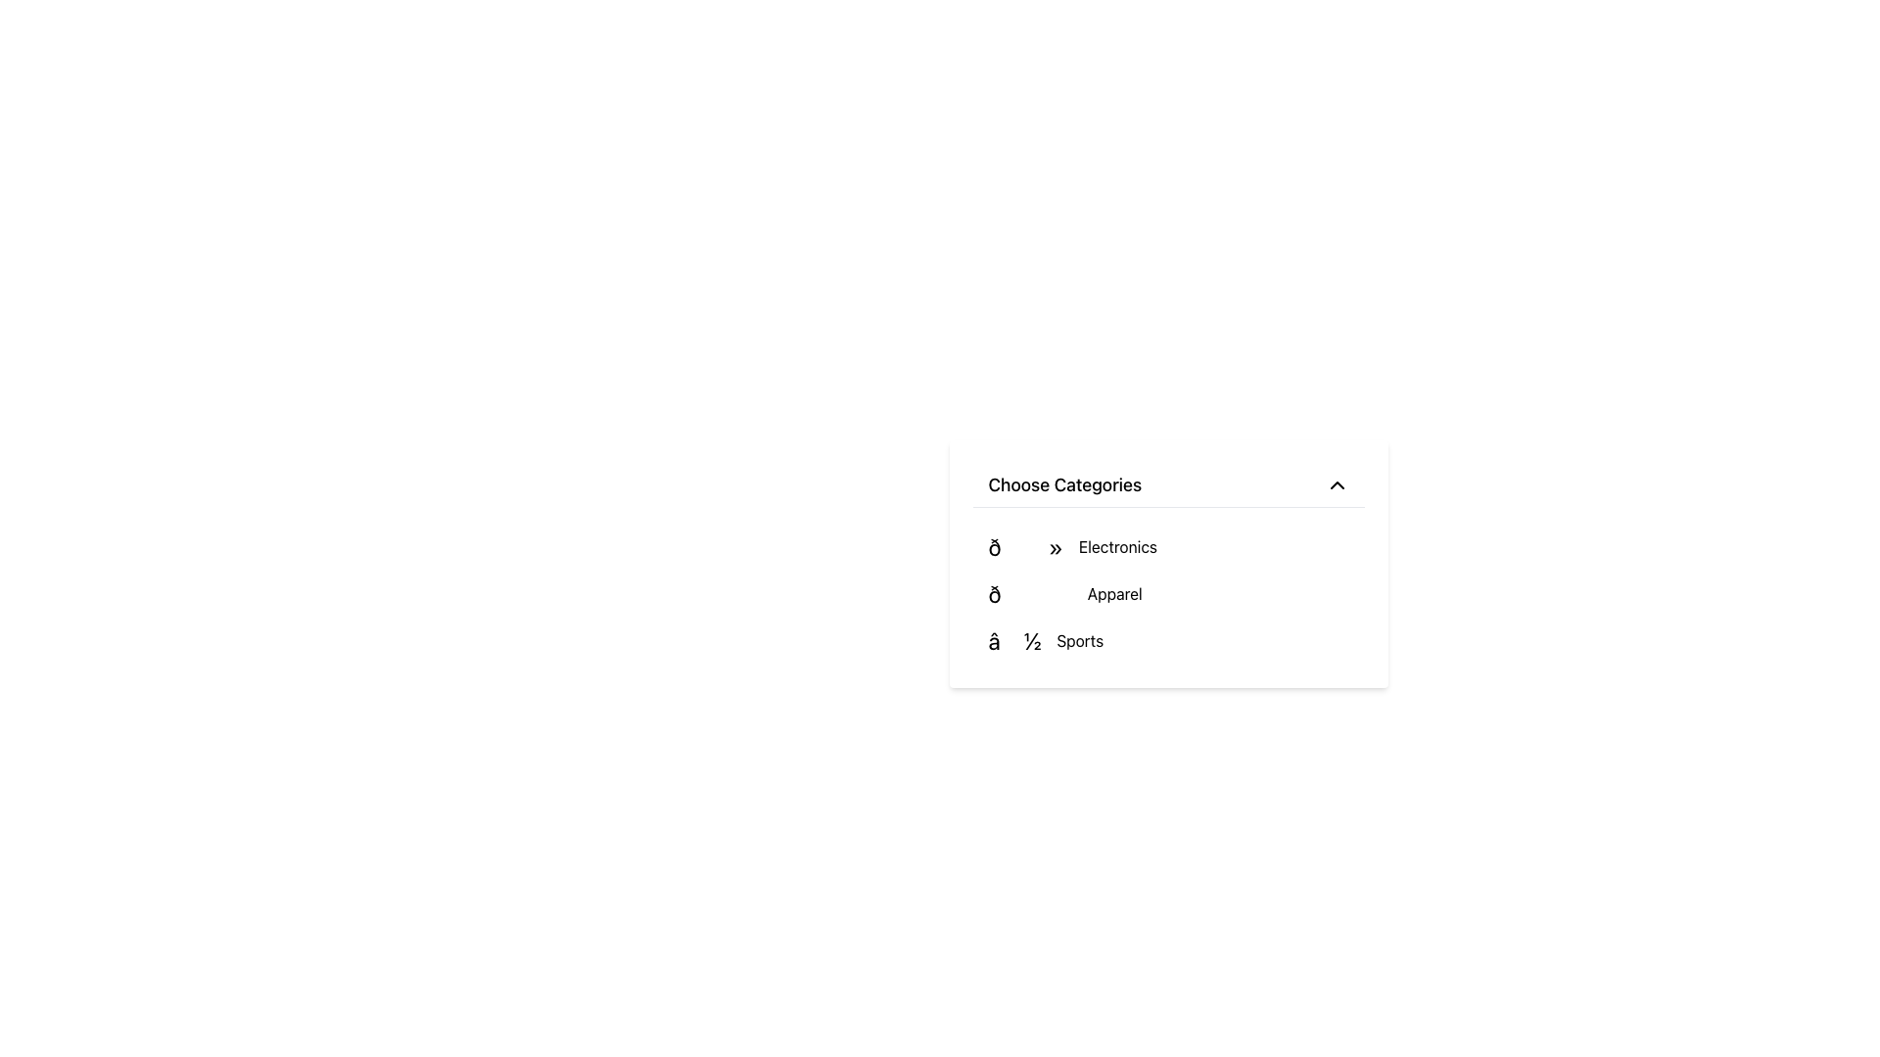 This screenshot has height=1057, width=1880. What do you see at coordinates (1118, 547) in the screenshot?
I see `the text label 'Electronics' in the dropdown menu` at bounding box center [1118, 547].